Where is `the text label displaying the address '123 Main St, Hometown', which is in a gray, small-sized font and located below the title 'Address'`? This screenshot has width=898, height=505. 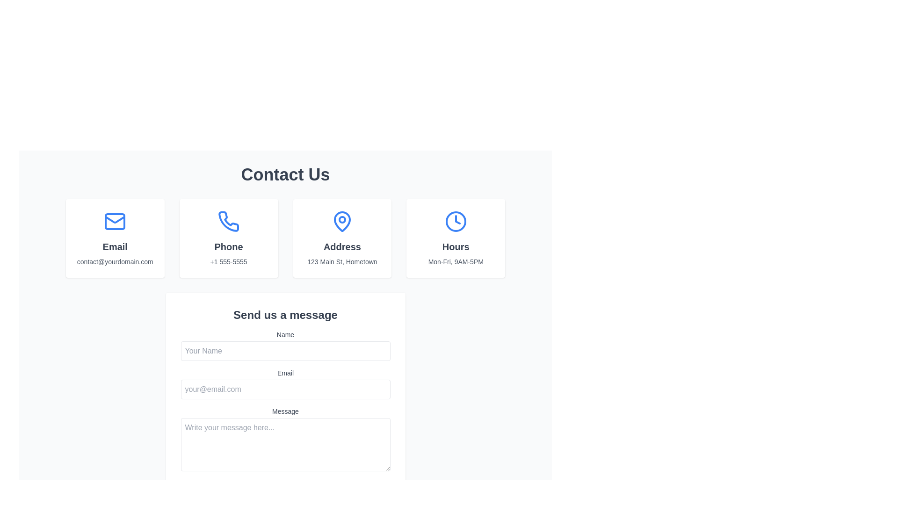
the text label displaying the address '123 Main St, Hometown', which is in a gray, small-sized font and located below the title 'Address' is located at coordinates (341, 261).